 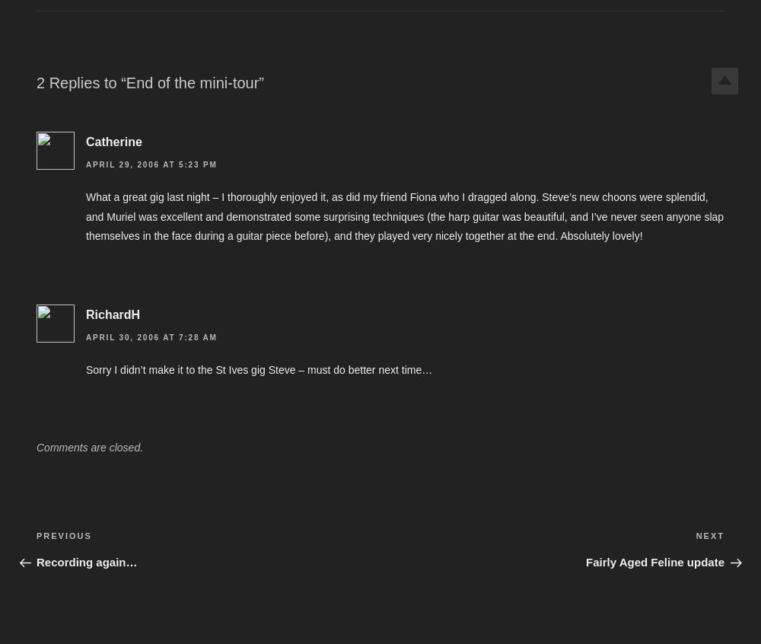 What do you see at coordinates (89, 446) in the screenshot?
I see `'Comments are closed.'` at bounding box center [89, 446].